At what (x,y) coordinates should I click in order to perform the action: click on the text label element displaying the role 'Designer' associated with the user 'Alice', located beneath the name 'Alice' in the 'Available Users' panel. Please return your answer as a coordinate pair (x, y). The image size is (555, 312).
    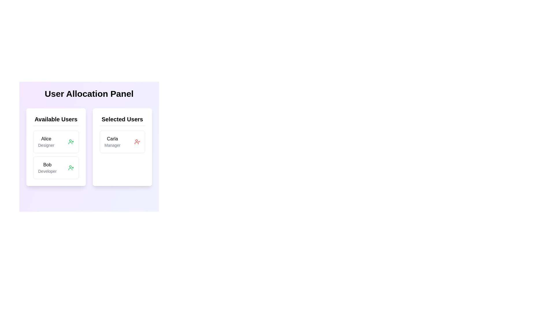
    Looking at the image, I should click on (46, 145).